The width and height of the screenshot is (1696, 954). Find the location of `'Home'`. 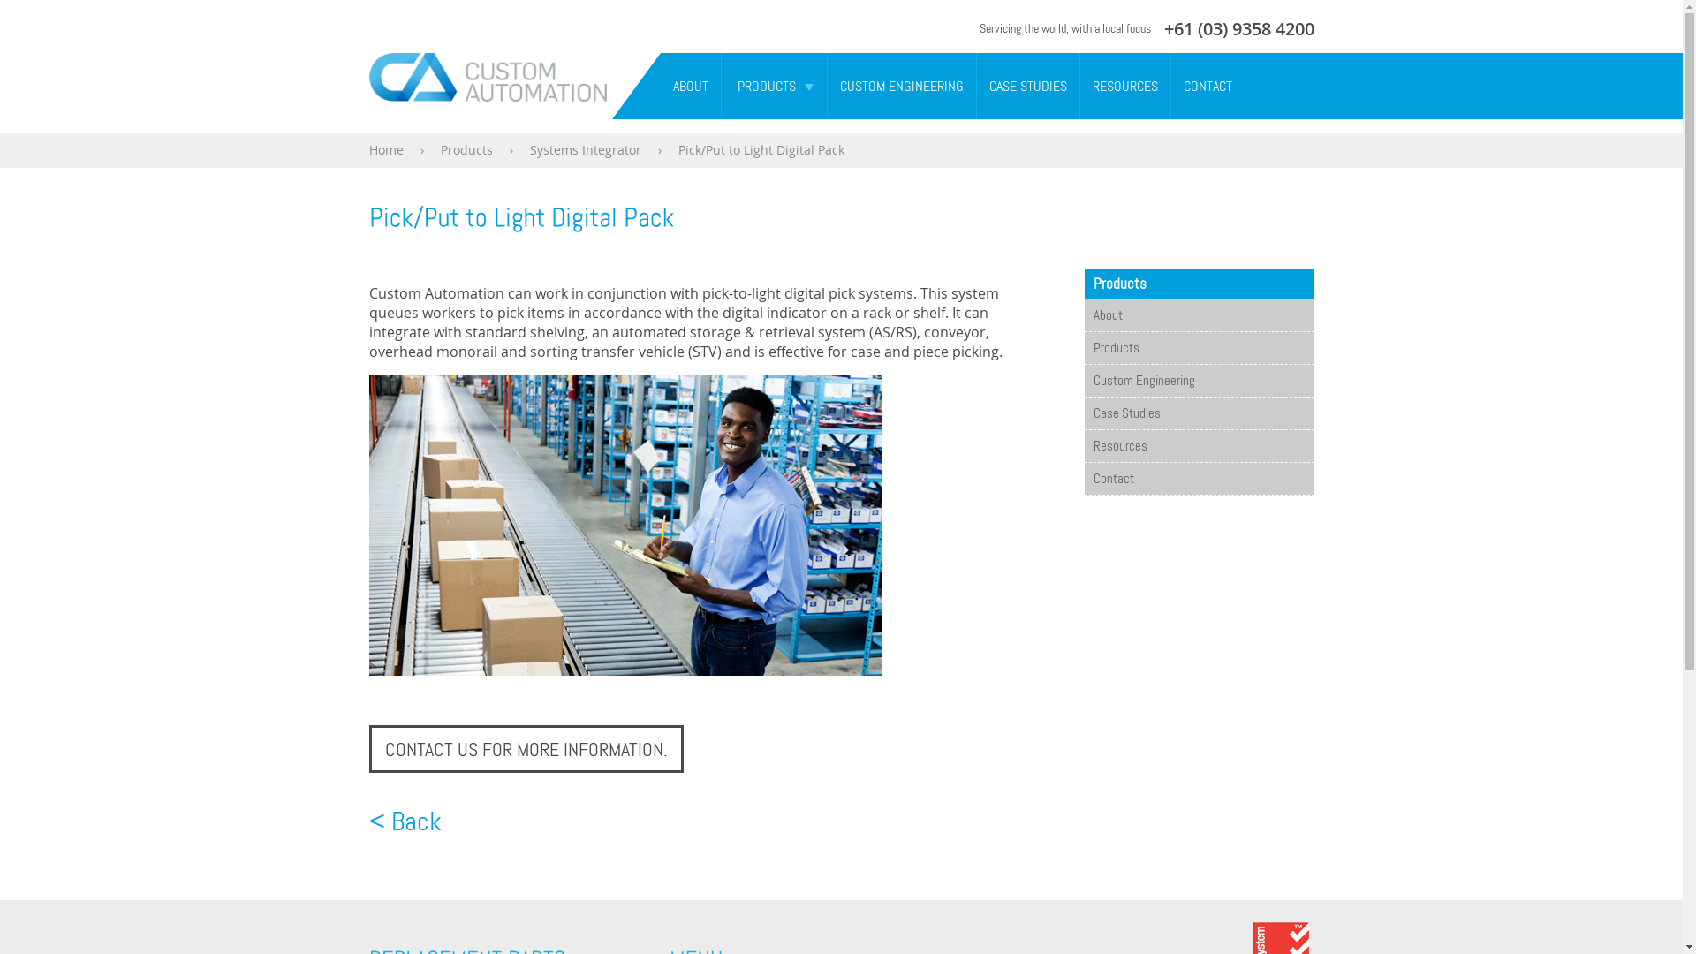

'Home' is located at coordinates (385, 148).